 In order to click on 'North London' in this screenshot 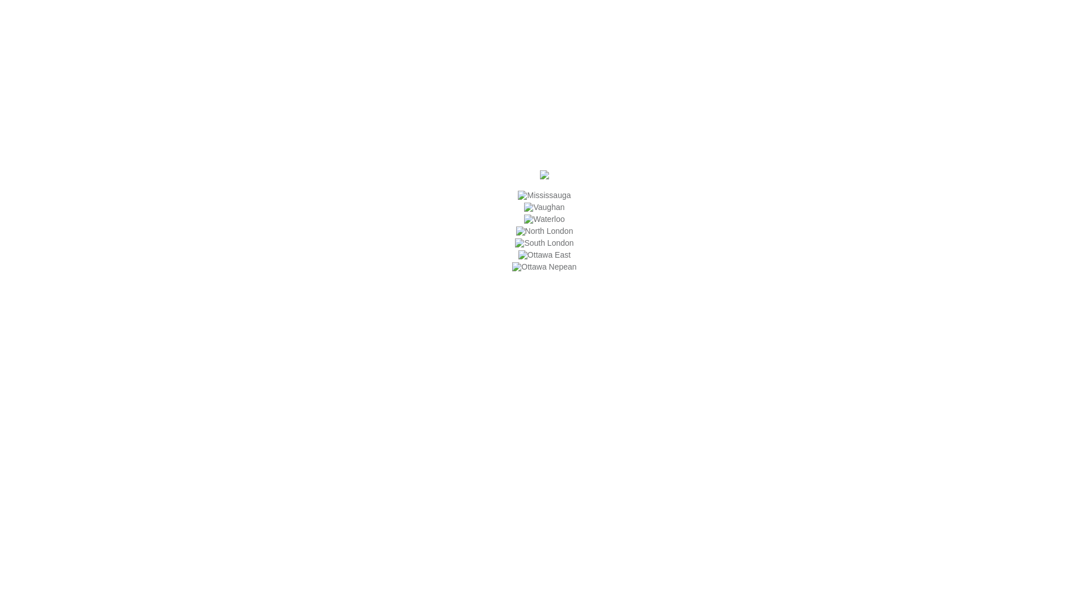, I will do `click(544, 230)`.